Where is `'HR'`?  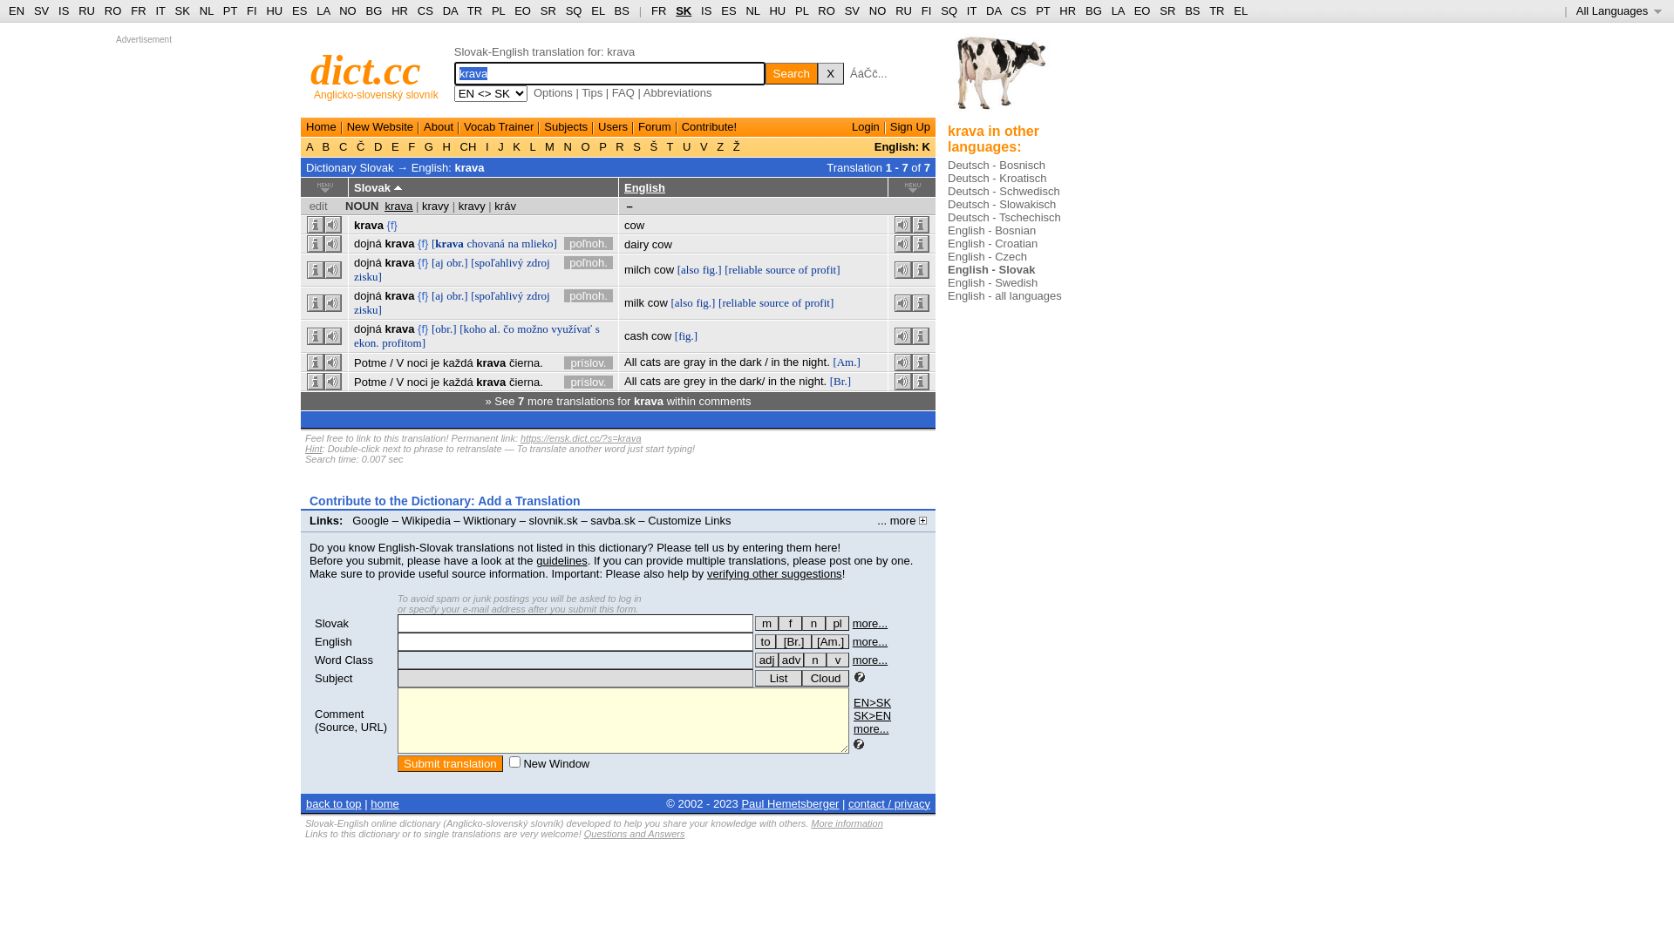 'HR' is located at coordinates (1058, 10).